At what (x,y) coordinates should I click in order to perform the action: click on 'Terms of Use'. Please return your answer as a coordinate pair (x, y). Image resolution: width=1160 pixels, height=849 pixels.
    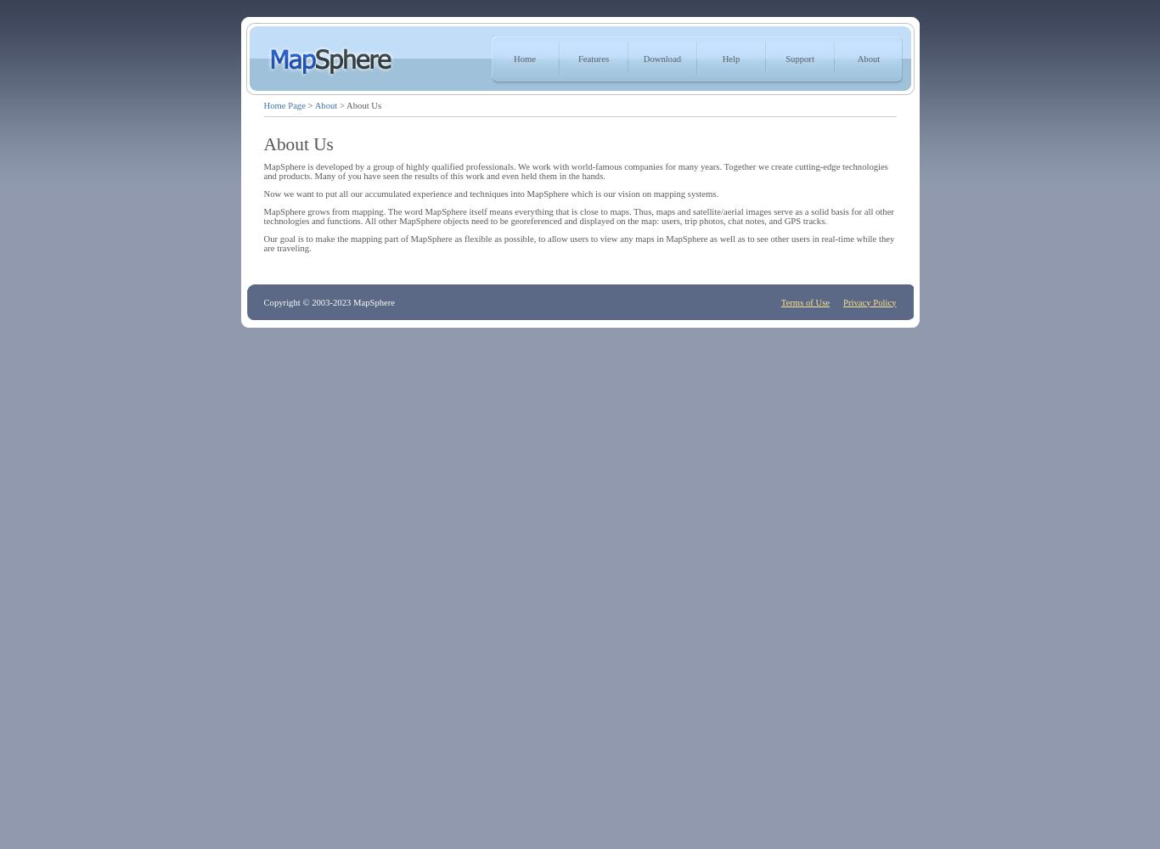
    Looking at the image, I should click on (805, 301).